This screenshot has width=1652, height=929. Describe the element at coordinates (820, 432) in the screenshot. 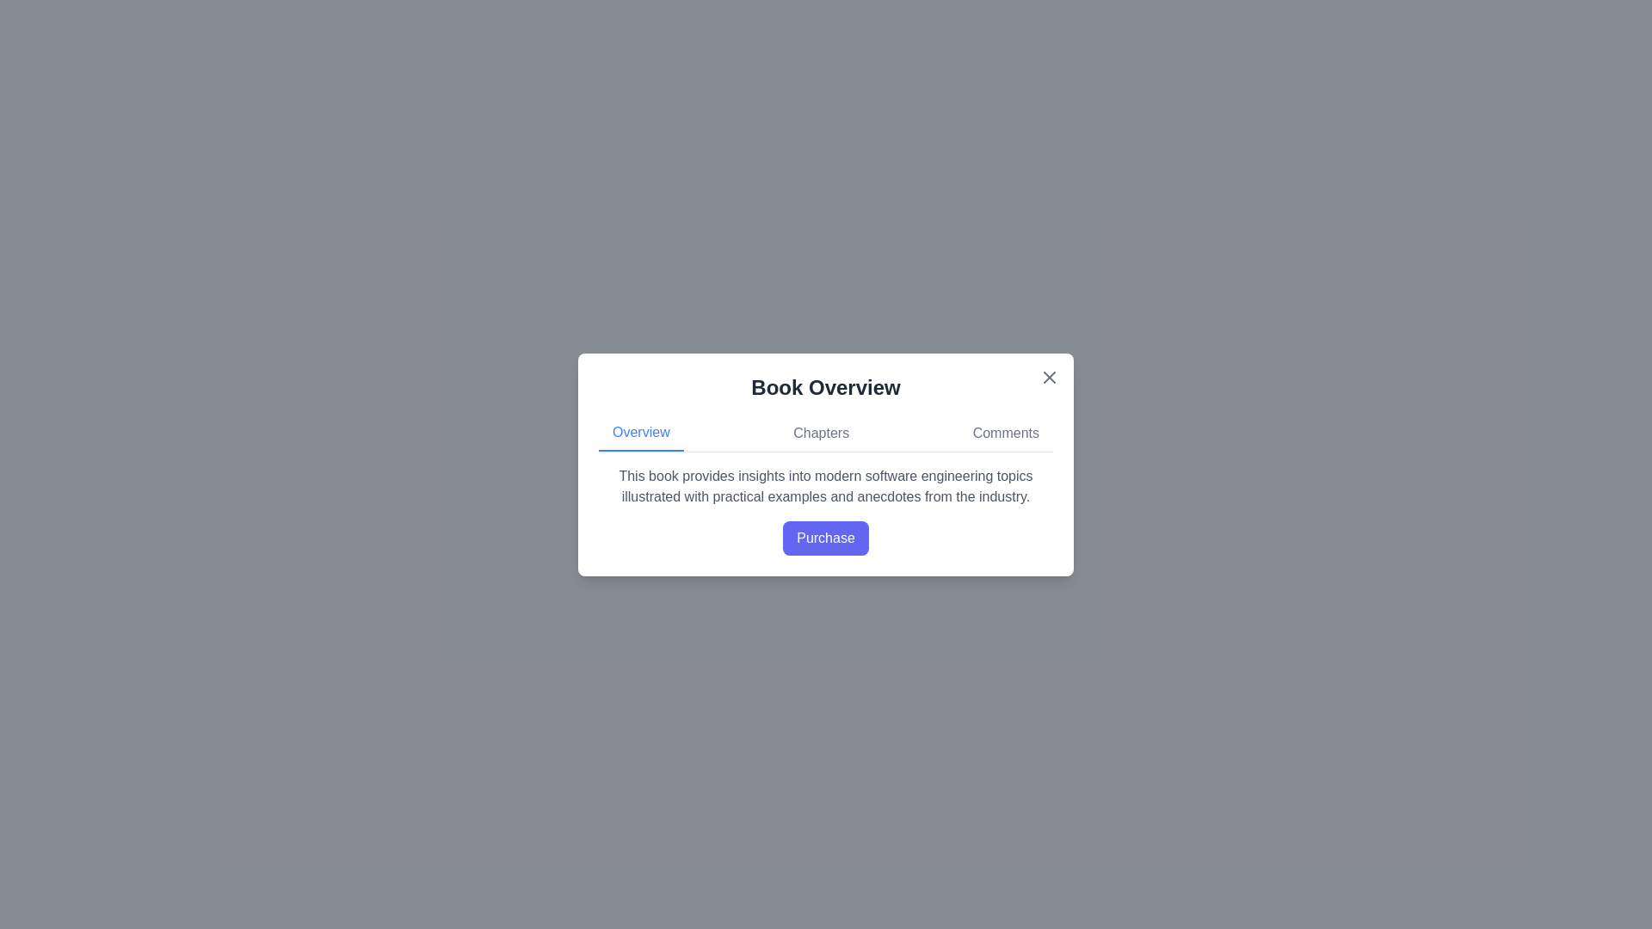

I see `the 'Chapters' text label in gray font, located in the header of the 'Book Overview' dialog box` at that location.